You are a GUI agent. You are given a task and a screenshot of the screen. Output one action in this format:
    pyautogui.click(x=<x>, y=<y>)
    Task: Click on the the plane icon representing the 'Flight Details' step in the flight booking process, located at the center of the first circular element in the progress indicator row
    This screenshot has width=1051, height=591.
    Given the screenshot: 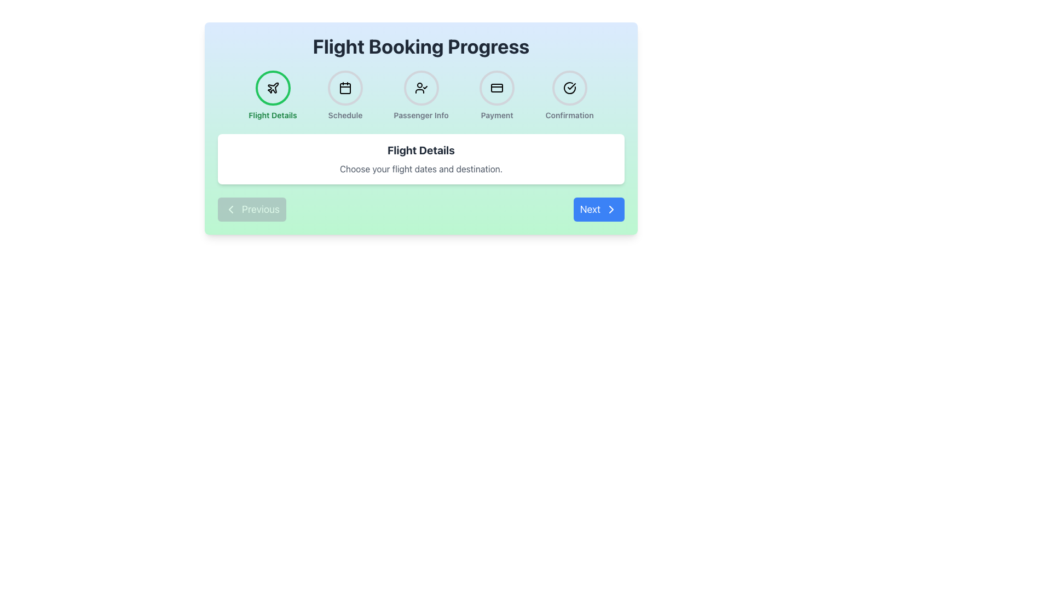 What is the action you would take?
    pyautogui.click(x=273, y=88)
    